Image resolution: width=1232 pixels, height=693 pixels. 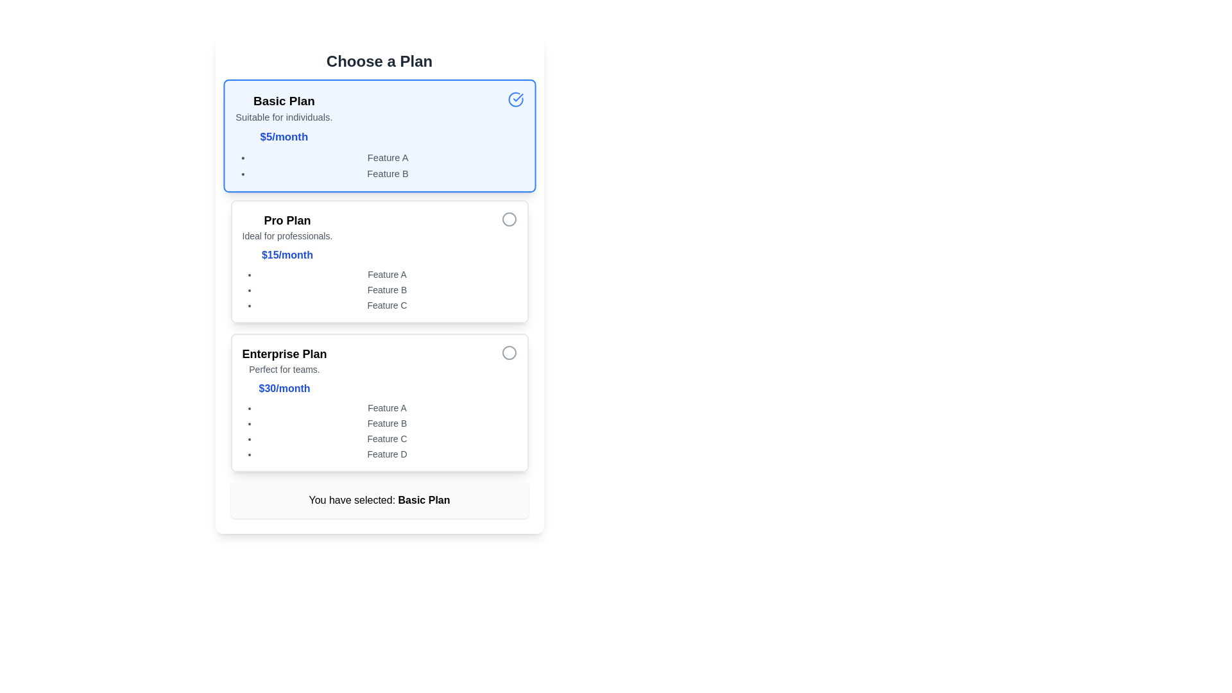 I want to click on informational text element representing Feature C in the Enterprise Plan, located in the third position of a vertically stacked list between Feature B and Feature D, so click(x=386, y=438).